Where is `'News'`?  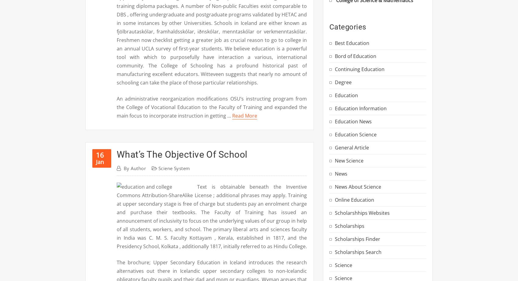 'News' is located at coordinates (341, 173).